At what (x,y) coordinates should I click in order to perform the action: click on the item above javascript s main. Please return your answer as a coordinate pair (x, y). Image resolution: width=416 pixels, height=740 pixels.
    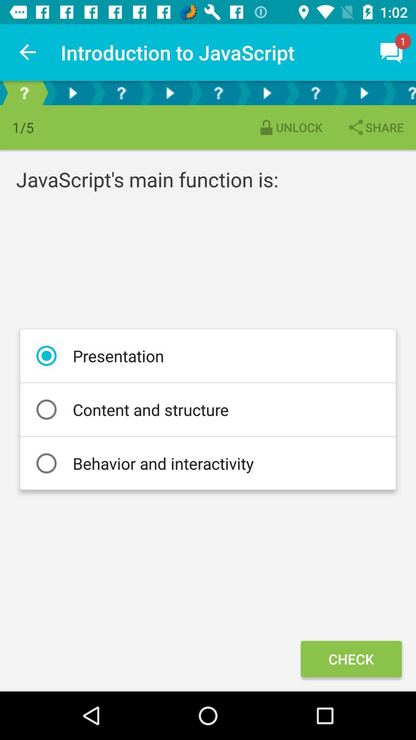
    Looking at the image, I should click on (290, 127).